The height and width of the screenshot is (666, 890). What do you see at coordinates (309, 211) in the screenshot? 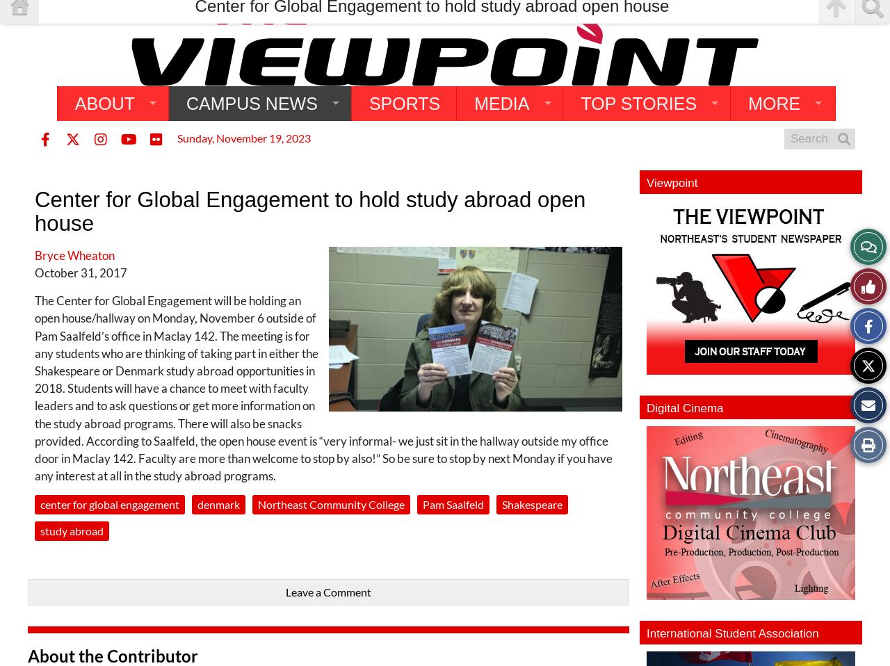
I see `'Center for Global Engagement to hold study abroad open house'` at bounding box center [309, 211].